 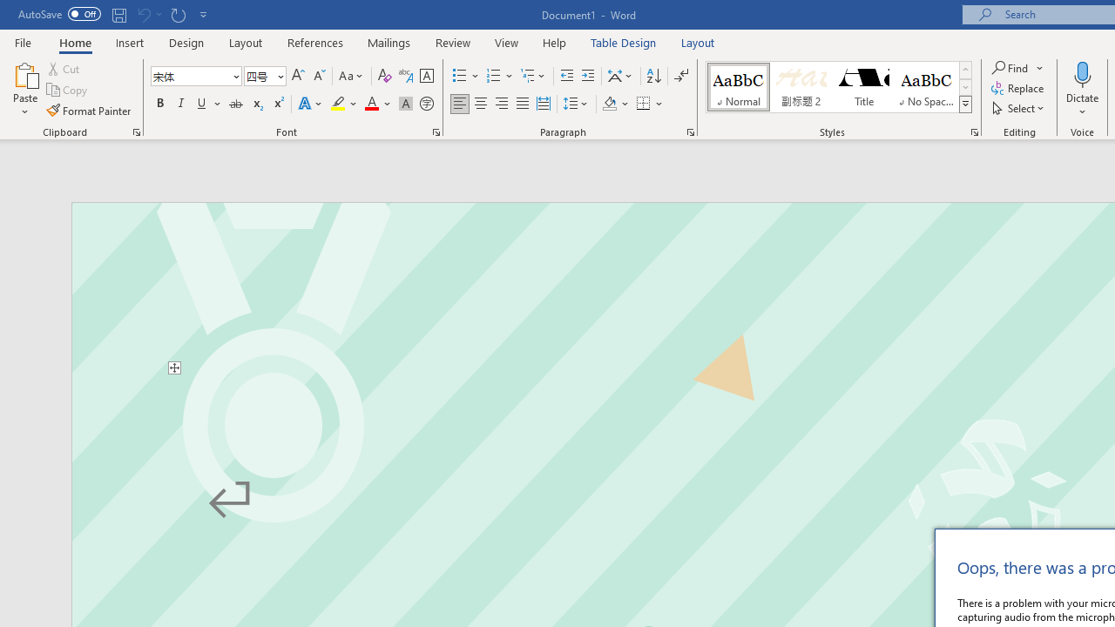 What do you see at coordinates (178, 14) in the screenshot?
I see `'Repeat Start Office Dictation'` at bounding box center [178, 14].